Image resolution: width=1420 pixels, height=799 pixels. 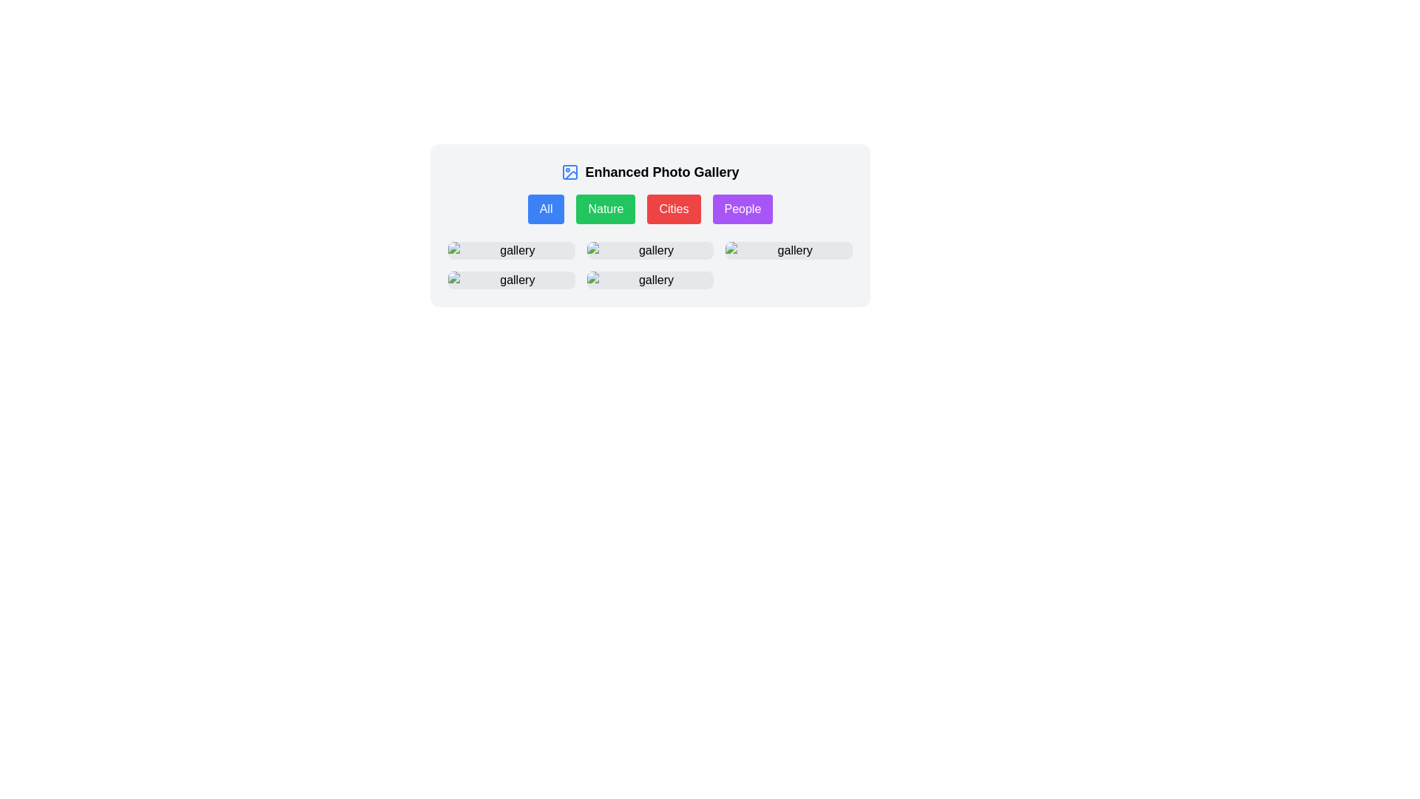 I want to click on the rounded rectangular graphical icon in the top-left section of the toolbar, which is part of the 'Enhanced Photo Gallery' interface, so click(x=569, y=171).